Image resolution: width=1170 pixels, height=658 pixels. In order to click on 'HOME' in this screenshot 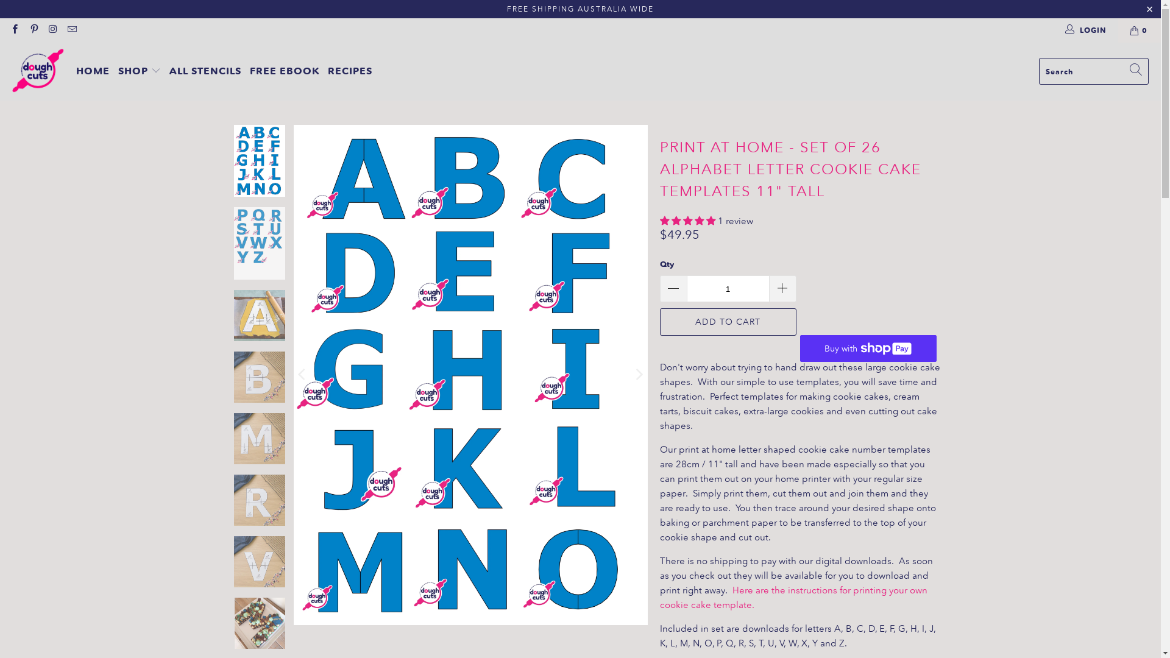, I will do `click(92, 71)`.